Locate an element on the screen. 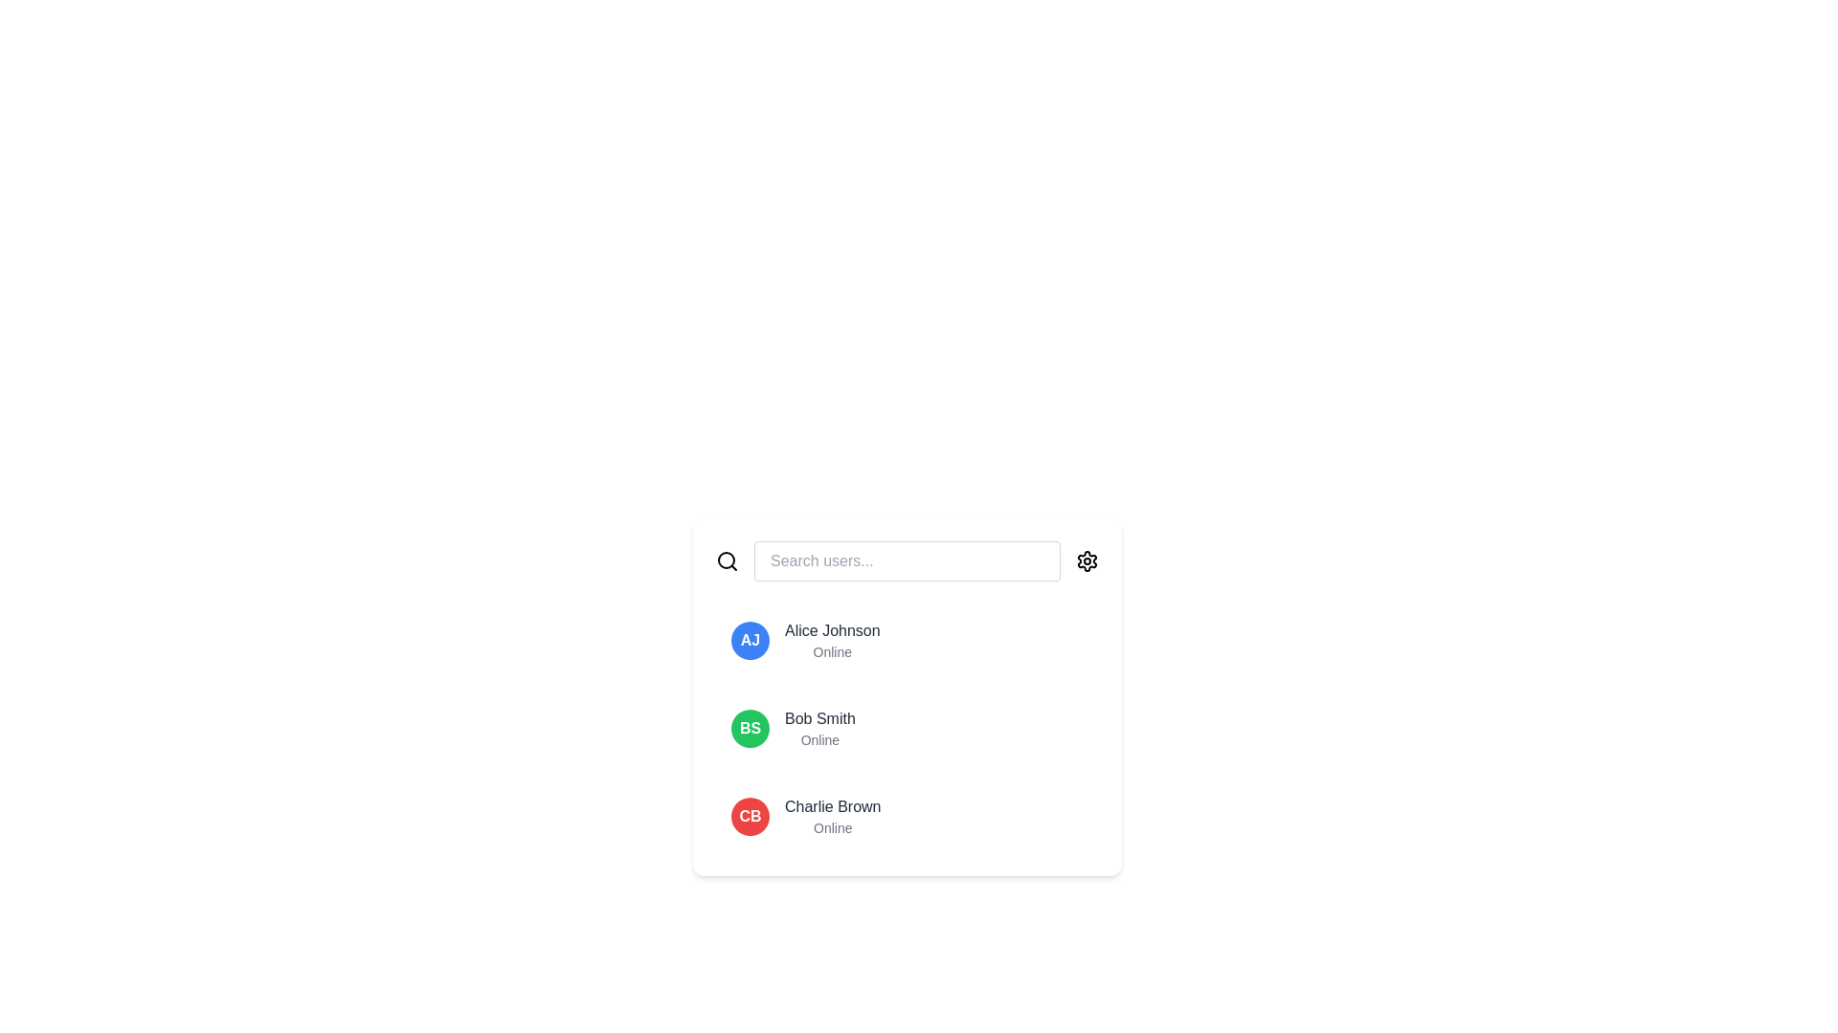 The height and width of the screenshot is (1033, 1838). the Avatar representing 'Alice Johnson' in the contact list is located at coordinates (749, 641).